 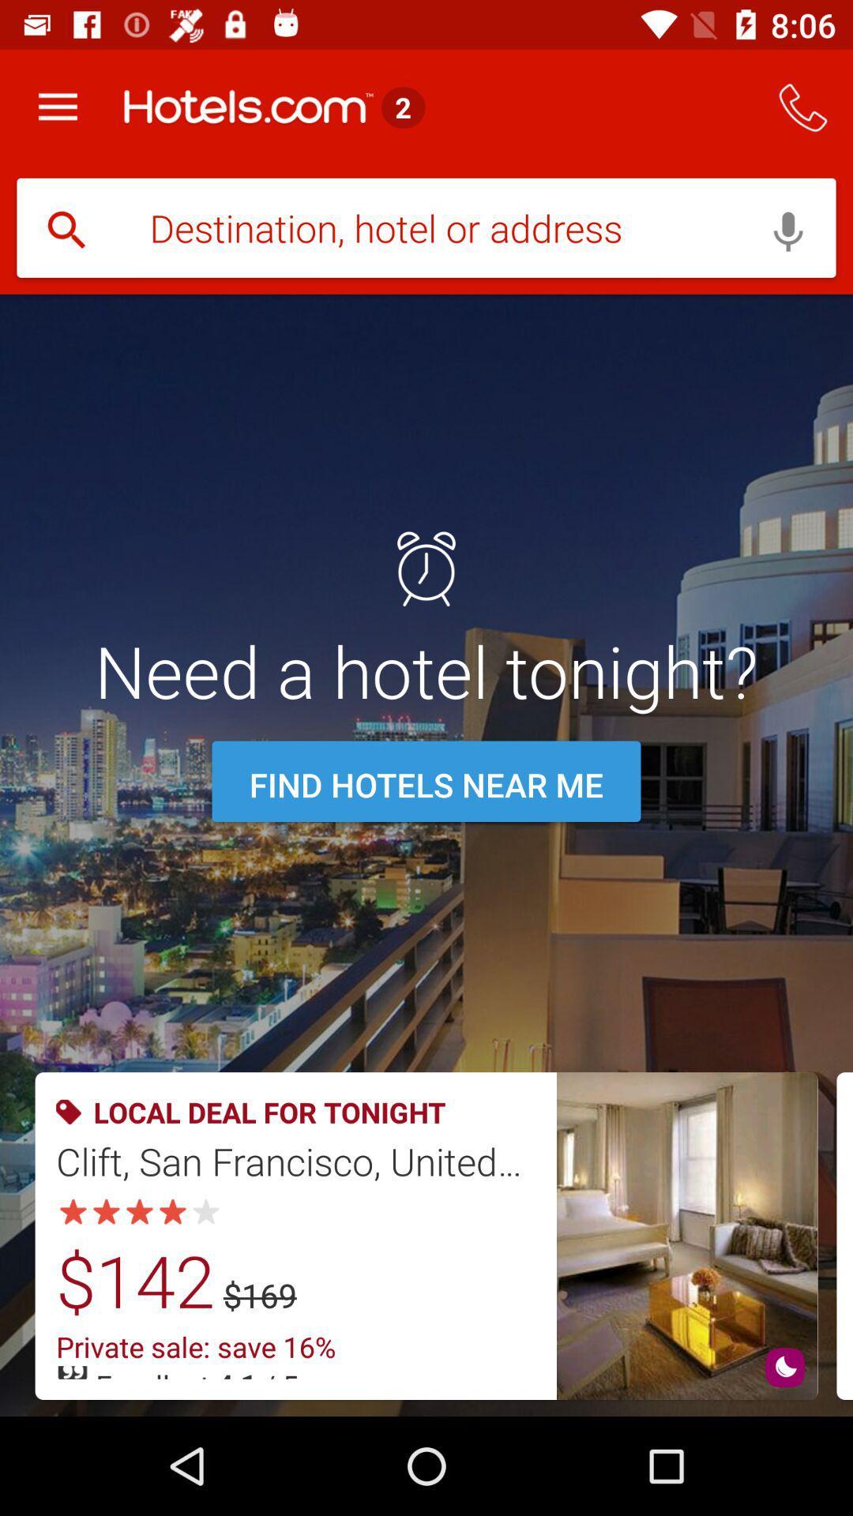 I want to click on destination hotel or item, so click(x=426, y=229).